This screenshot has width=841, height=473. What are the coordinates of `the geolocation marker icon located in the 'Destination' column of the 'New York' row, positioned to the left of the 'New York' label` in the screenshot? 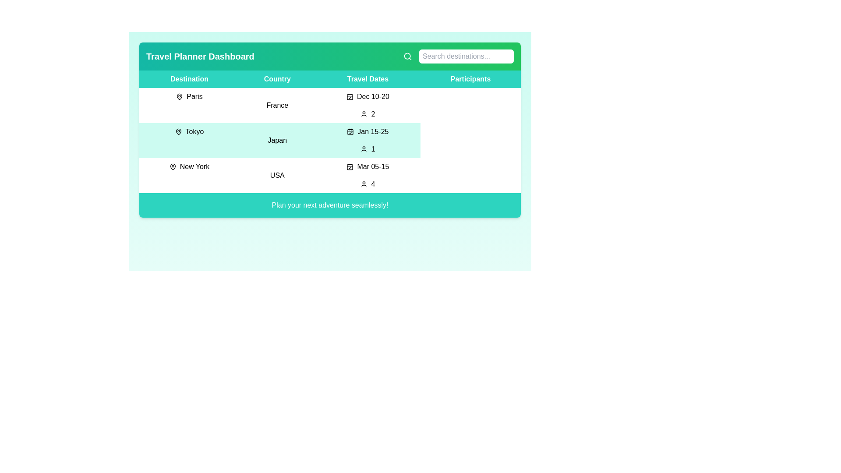 It's located at (173, 167).